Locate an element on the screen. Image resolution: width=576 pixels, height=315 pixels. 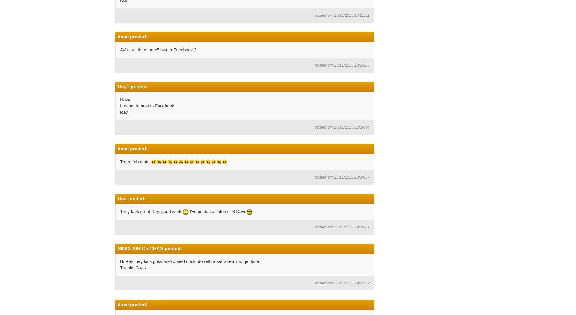
'posted on: 25/11/2015 18:21:51' is located at coordinates (314, 15).